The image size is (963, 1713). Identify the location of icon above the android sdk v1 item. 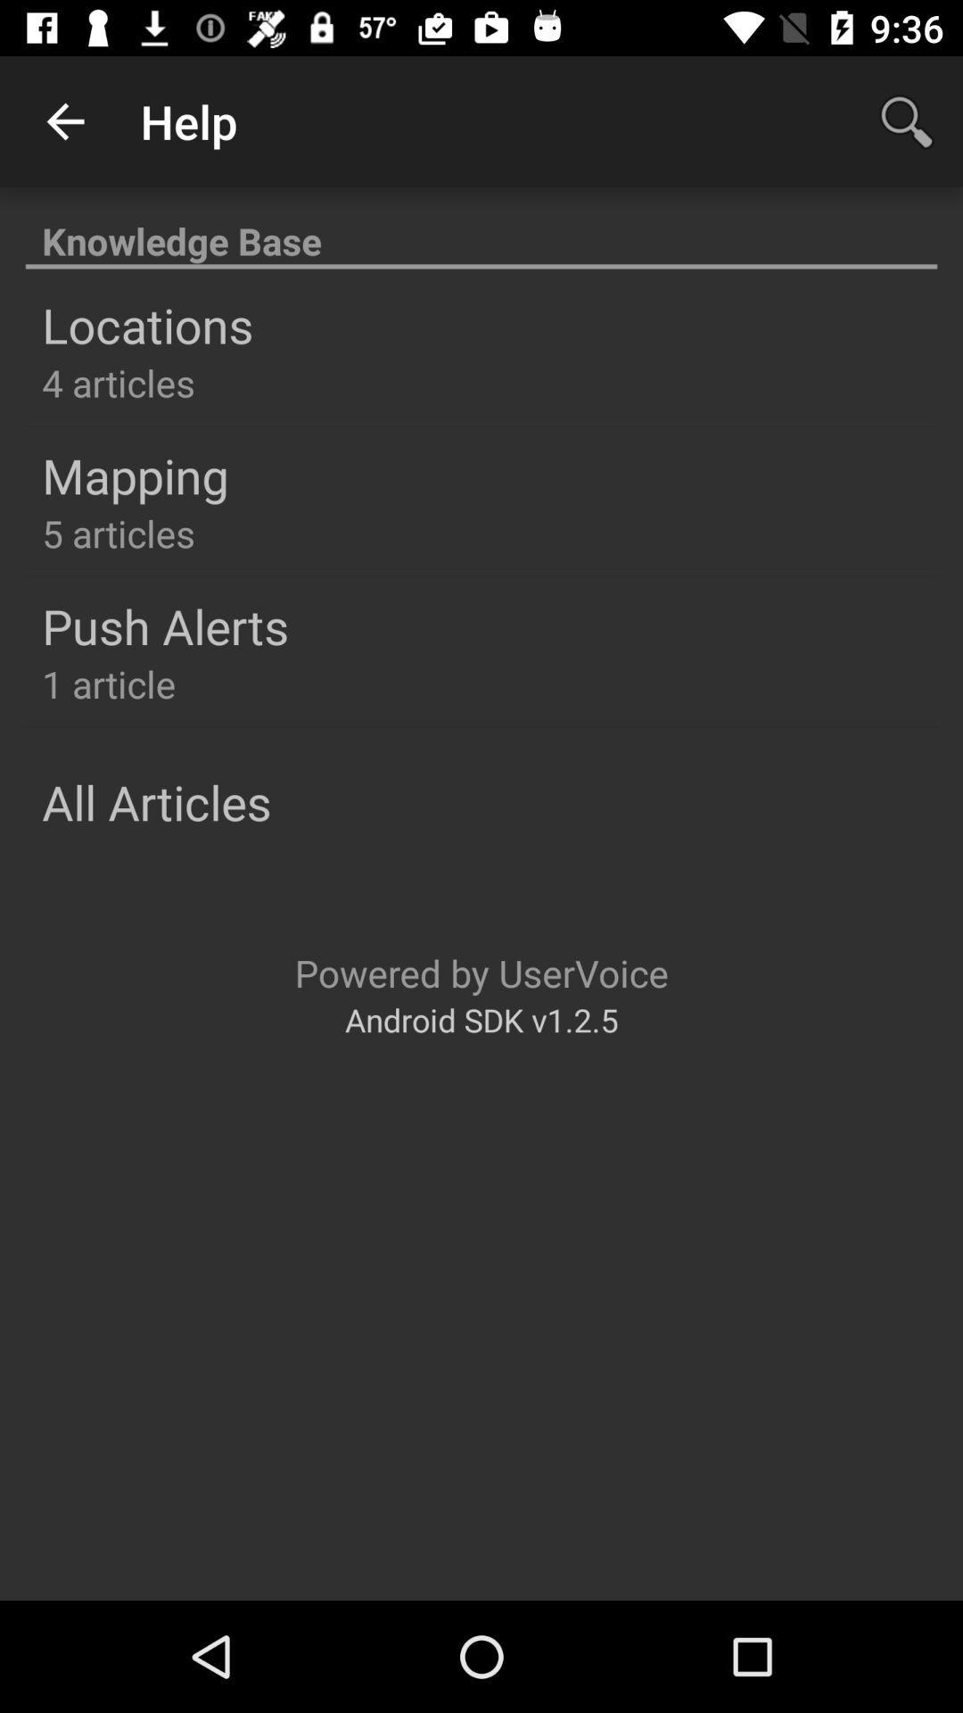
(481, 972).